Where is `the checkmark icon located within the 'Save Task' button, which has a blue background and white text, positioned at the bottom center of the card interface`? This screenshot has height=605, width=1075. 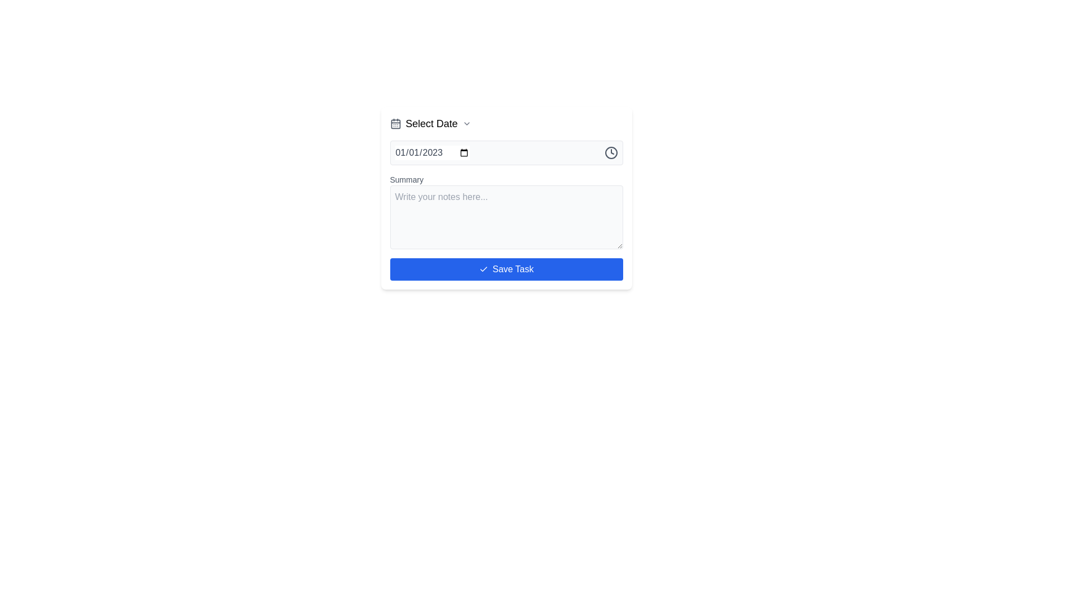
the checkmark icon located within the 'Save Task' button, which has a blue background and white text, positioned at the bottom center of the card interface is located at coordinates (483, 269).